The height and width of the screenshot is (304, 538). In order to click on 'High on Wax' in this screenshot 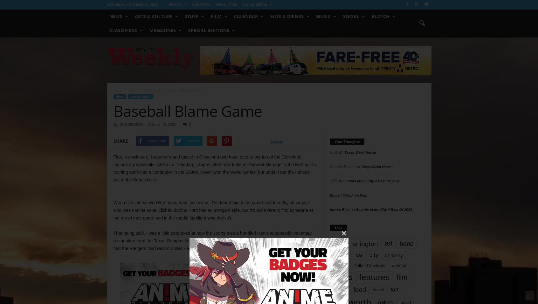, I will do `click(356, 195)`.